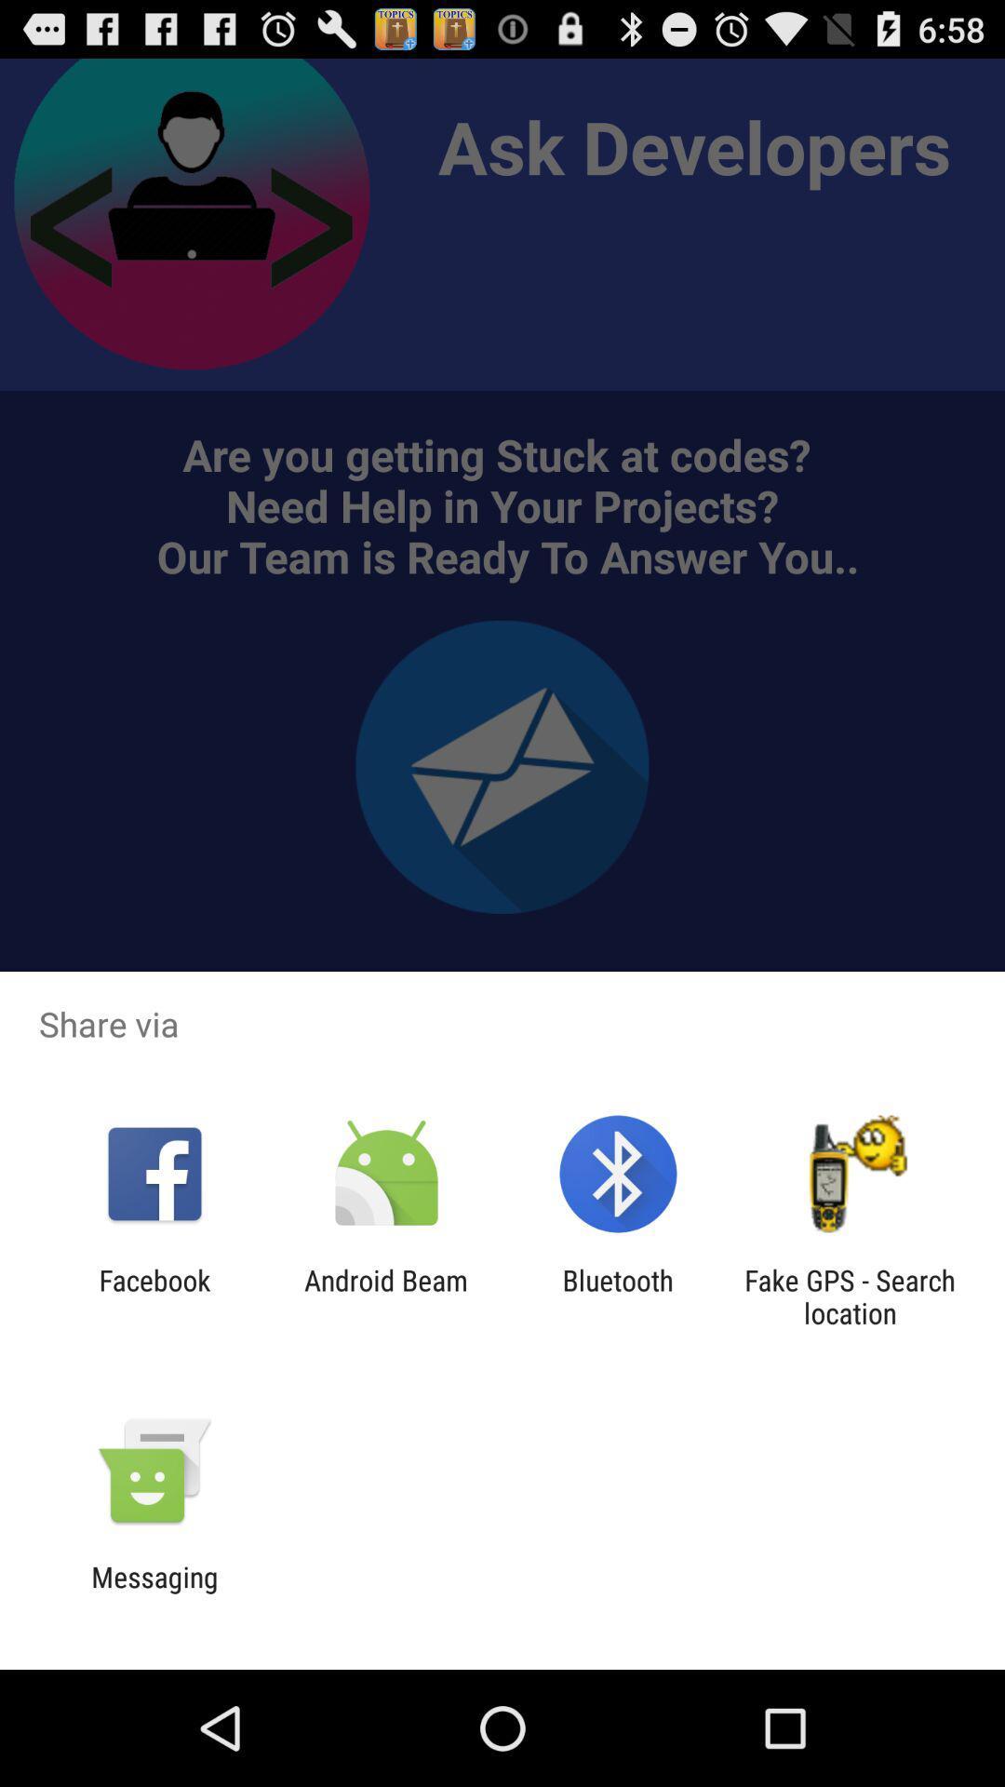  What do you see at coordinates (154, 1592) in the screenshot?
I see `the messaging app` at bounding box center [154, 1592].